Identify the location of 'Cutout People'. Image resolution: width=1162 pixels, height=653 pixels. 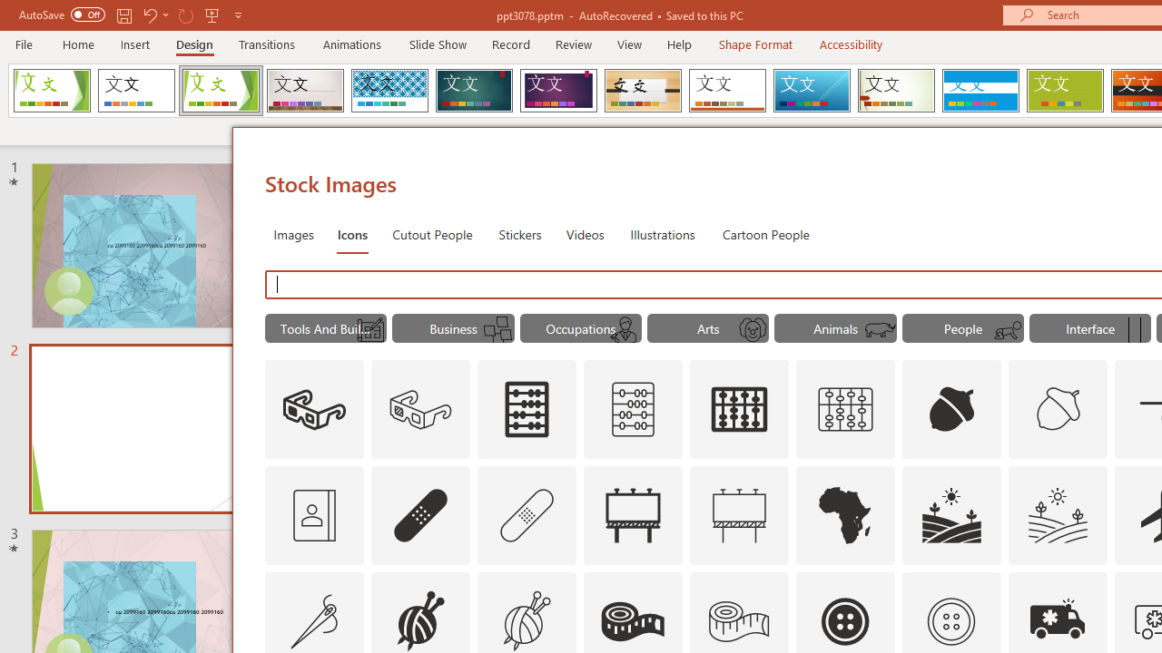
(432, 233).